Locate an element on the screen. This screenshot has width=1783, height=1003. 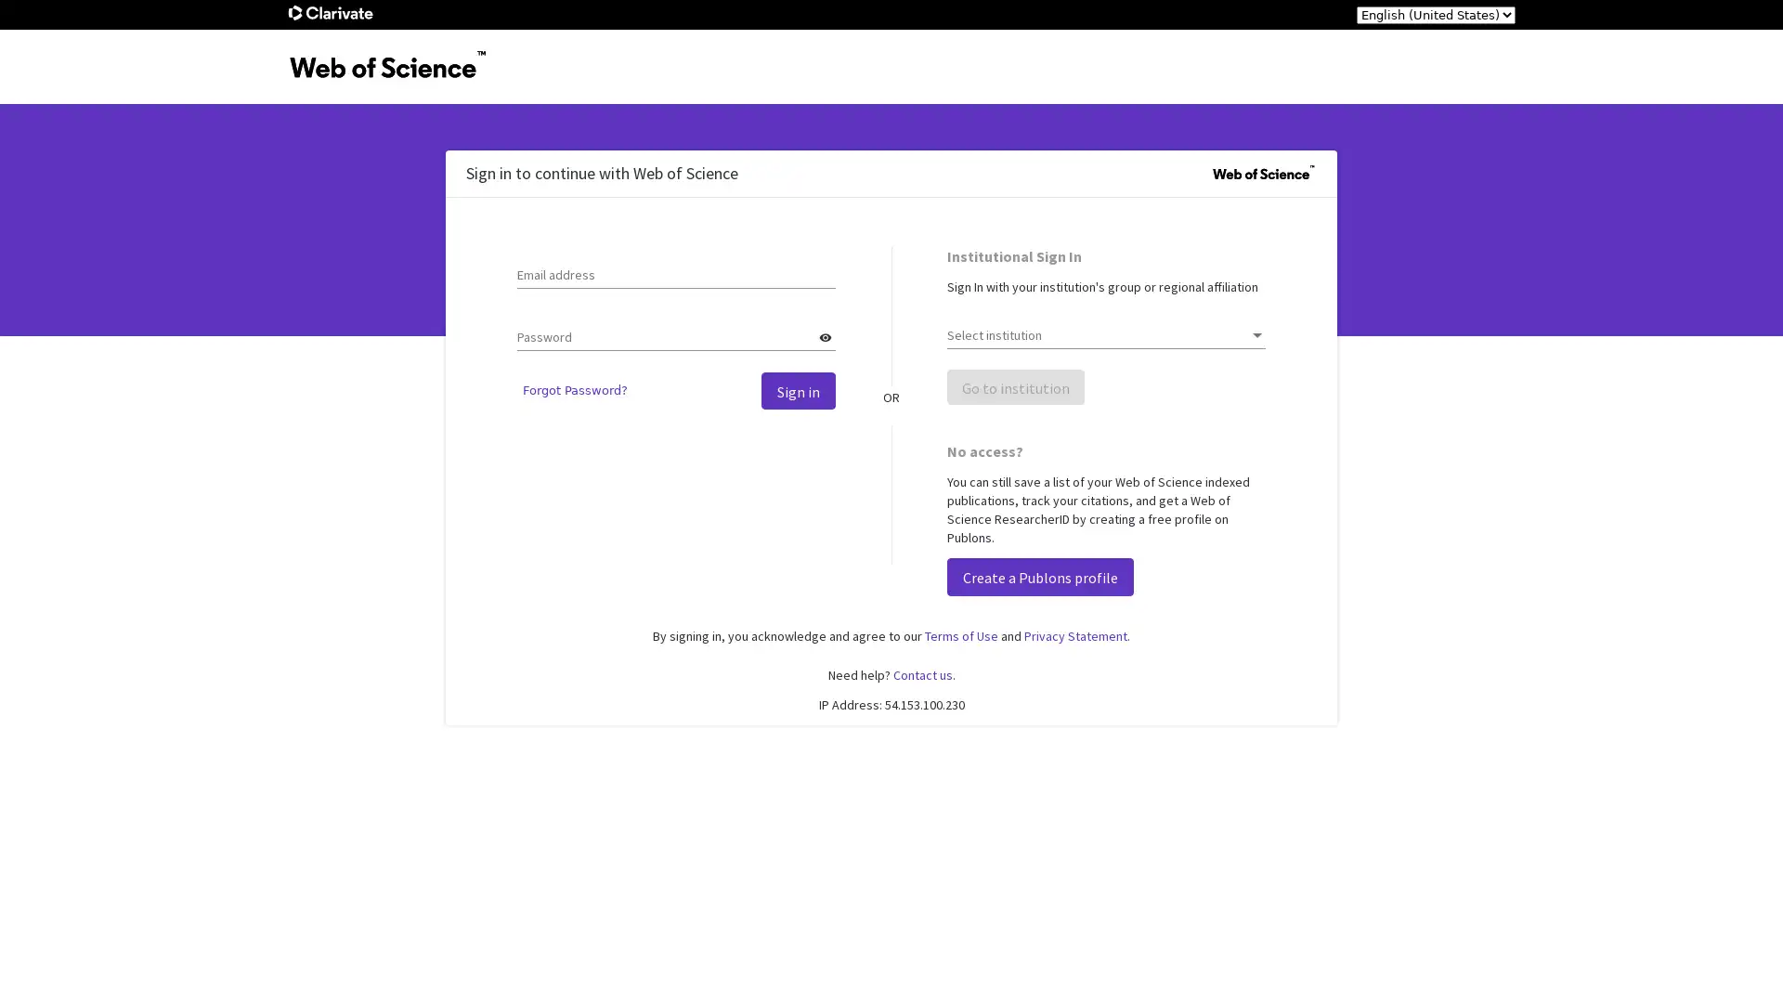
Forgot Password? is located at coordinates (573, 389).